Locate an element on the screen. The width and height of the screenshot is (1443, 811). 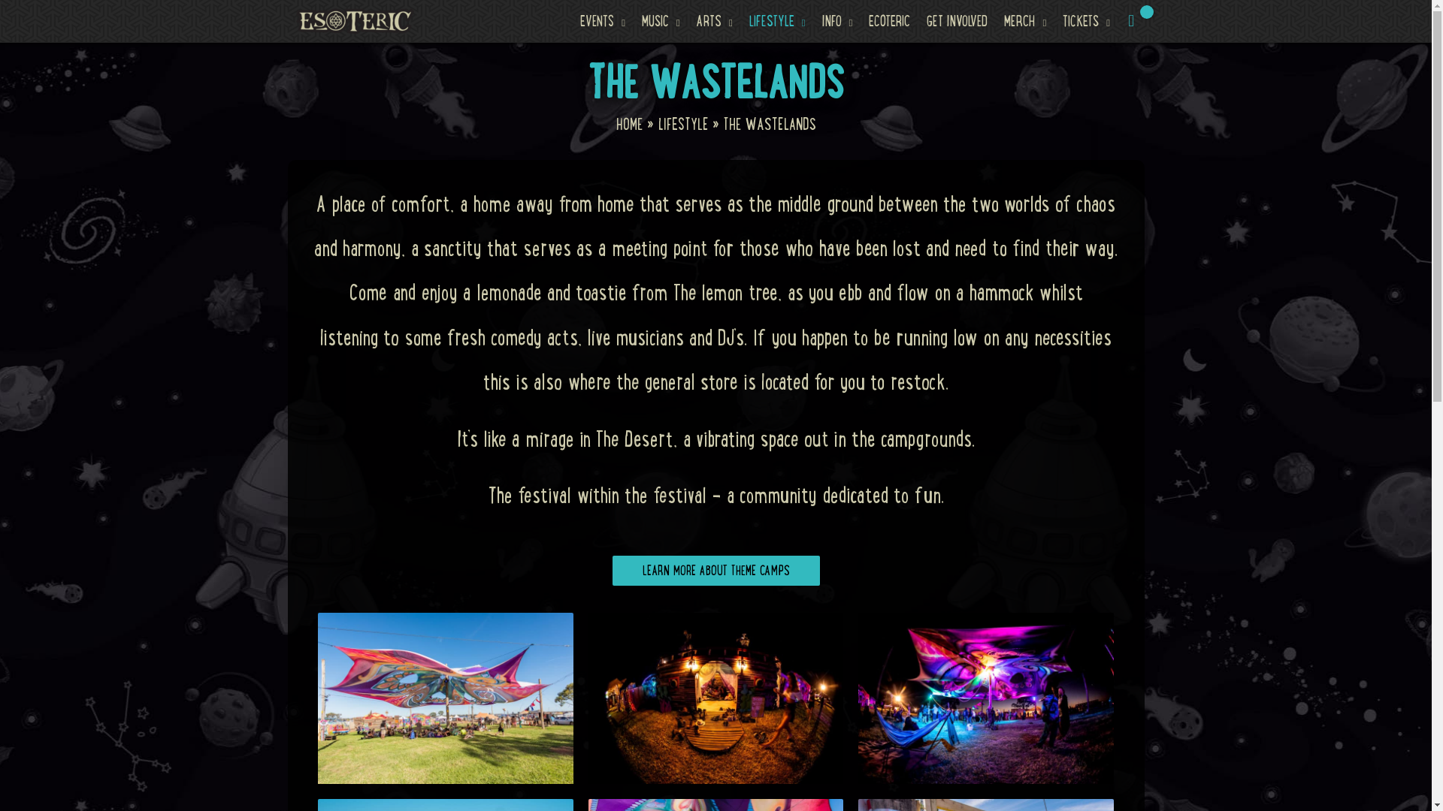
'LIFESTYLE' is located at coordinates (682, 123).